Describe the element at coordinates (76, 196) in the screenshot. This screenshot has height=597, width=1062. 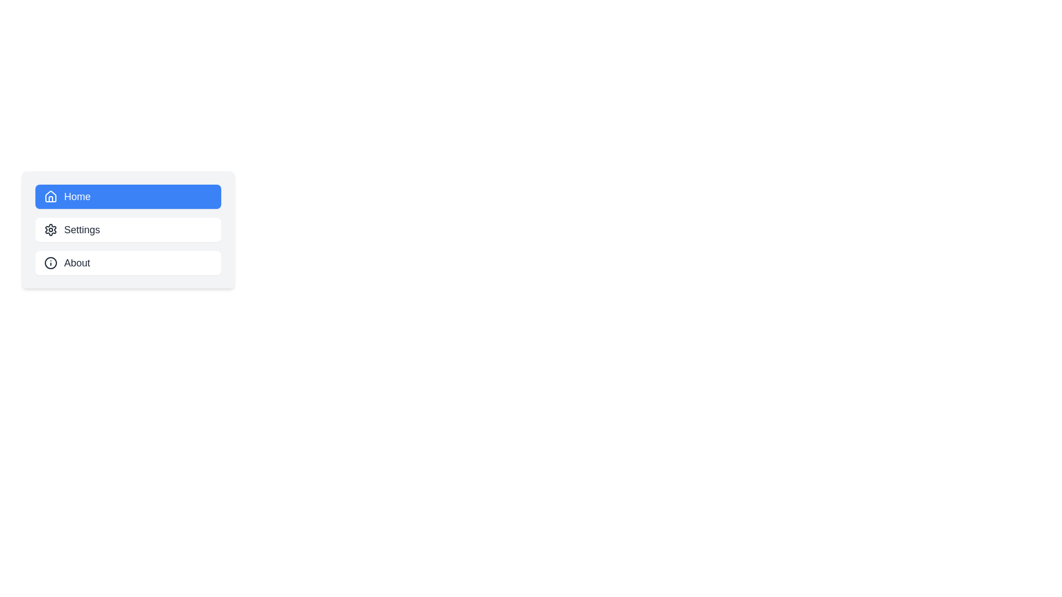
I see `the Text Label that serves as a navigation option for the main or home page, located to the right of the house icon in a vertical menu layout` at that location.